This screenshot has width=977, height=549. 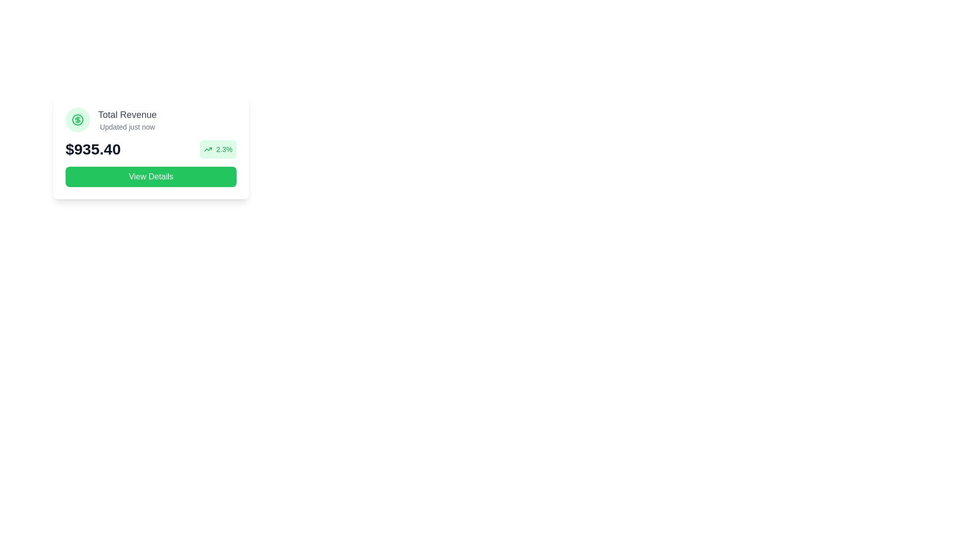 I want to click on the dollar sign icon enclosed in a circular border with a green hue, located beside the 'Total Revenue' text in the upper-left corner of the card labeled 'Total Revenue', so click(x=77, y=119).